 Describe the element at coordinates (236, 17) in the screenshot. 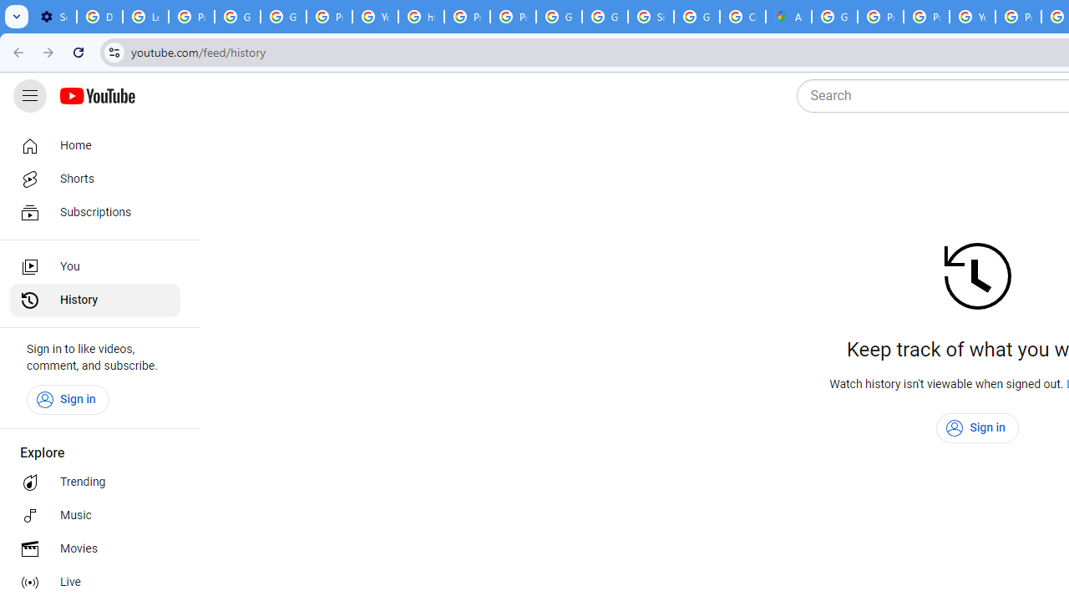

I see `'Google Account Help'` at that location.